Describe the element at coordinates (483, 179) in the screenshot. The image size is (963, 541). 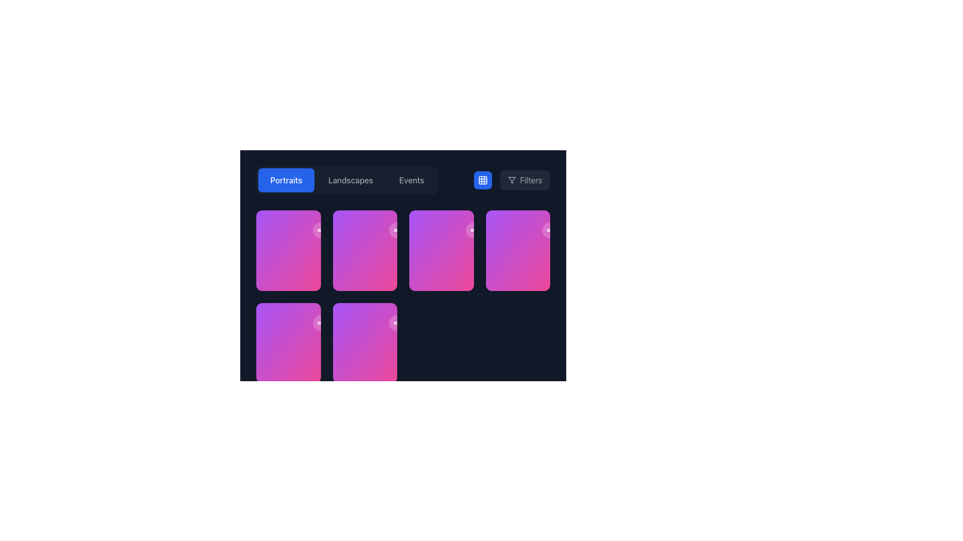
I see `the graphical element within the grid icon that represents categorization or layout adjustment functionality, located near the filter button and to the right of the category buttons 'Portraits' and 'Landscapes'` at that location.